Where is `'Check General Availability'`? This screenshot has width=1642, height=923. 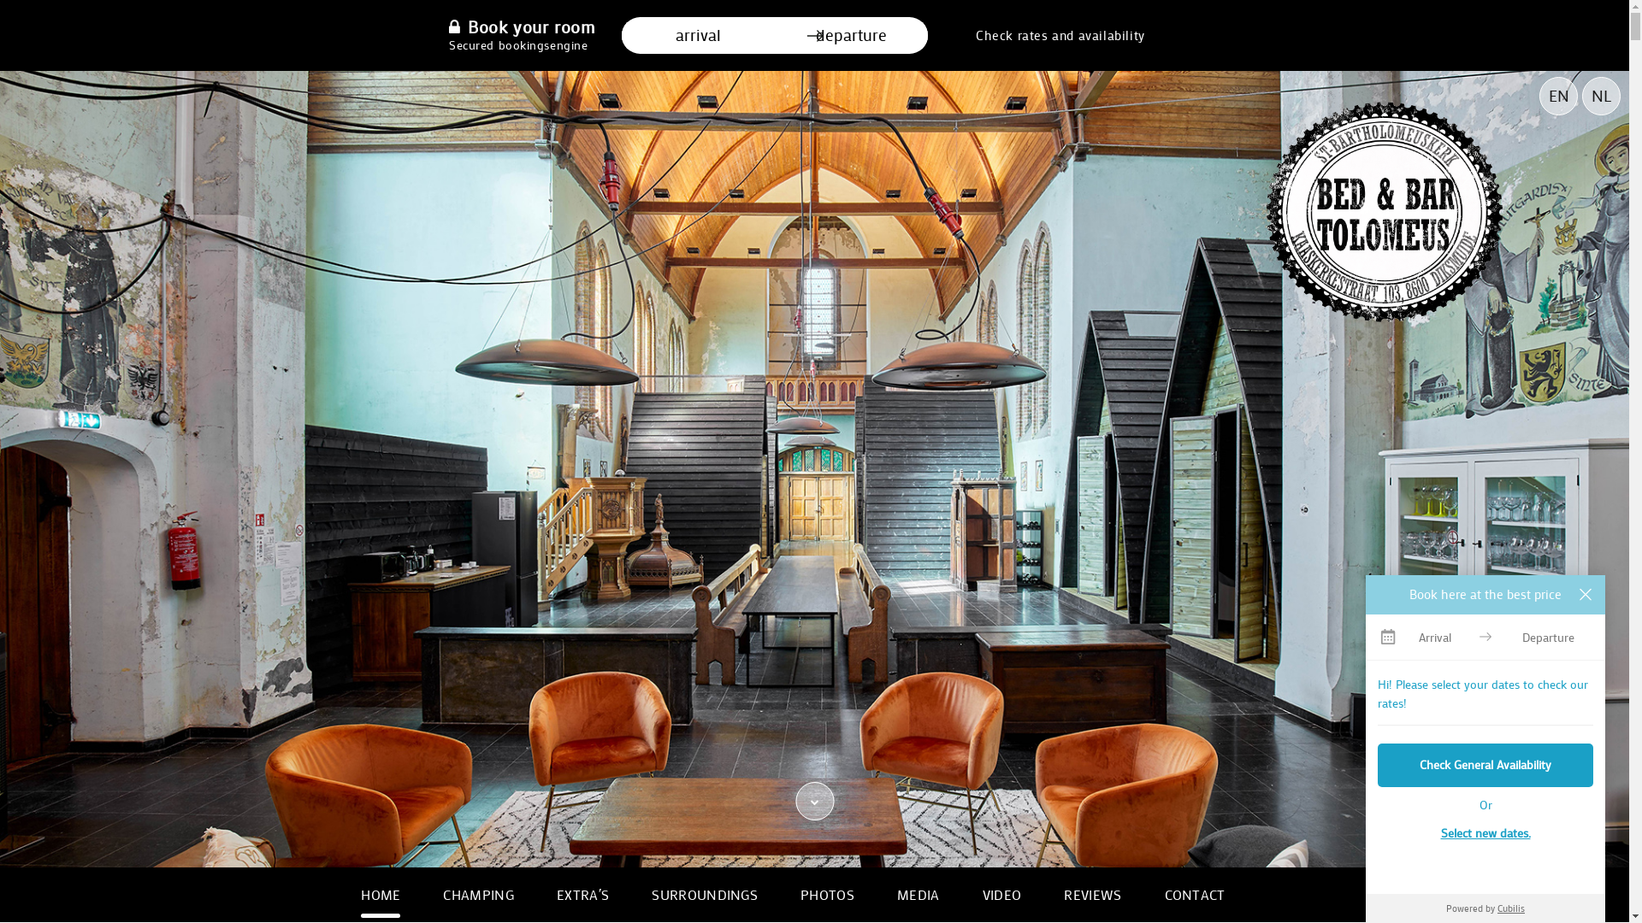
'Check General Availability' is located at coordinates (1485, 763).